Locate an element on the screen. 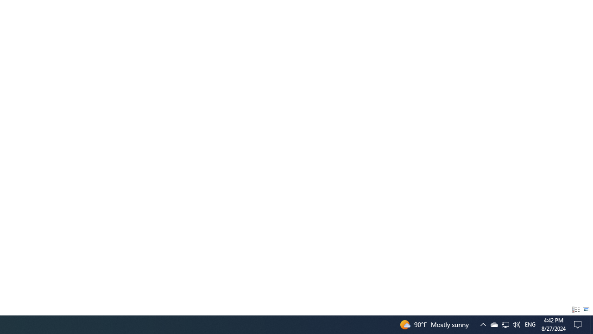 This screenshot has width=593, height=334. 'Large Icons' is located at coordinates (586, 310).